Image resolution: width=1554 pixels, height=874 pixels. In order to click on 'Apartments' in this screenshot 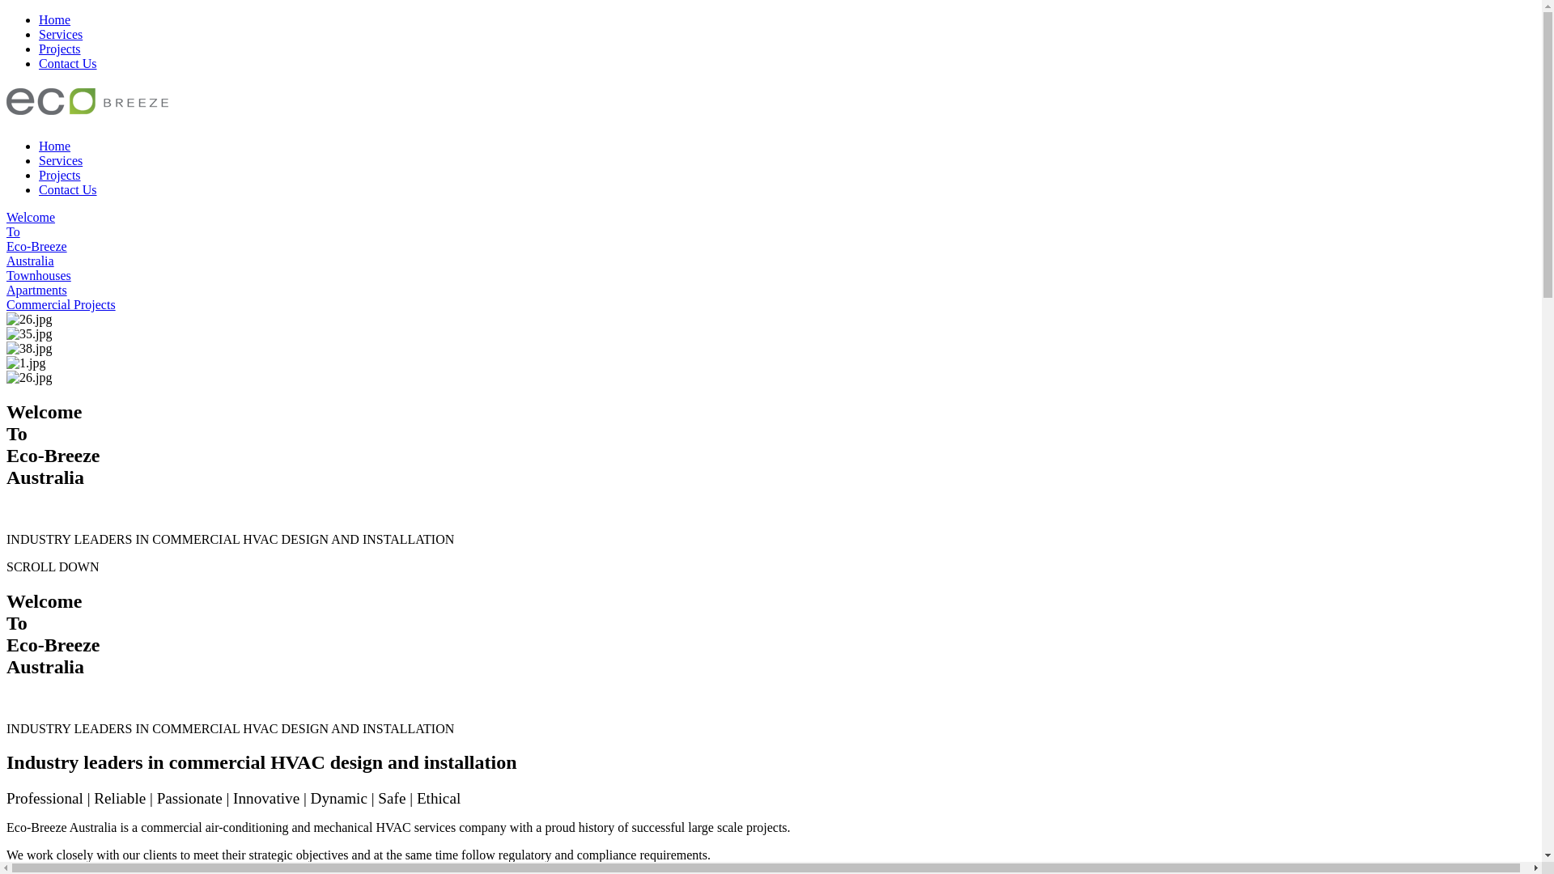, I will do `click(6, 289)`.